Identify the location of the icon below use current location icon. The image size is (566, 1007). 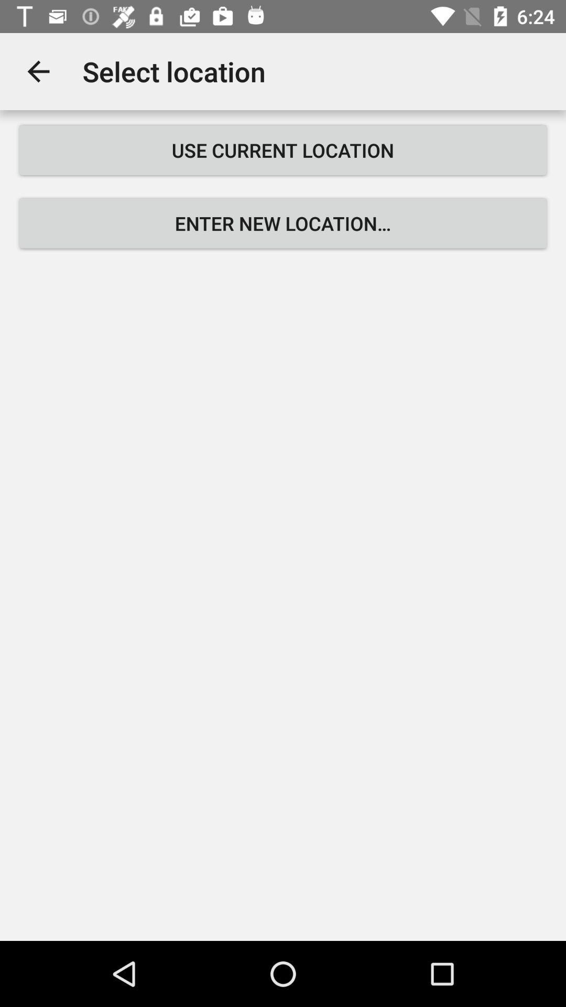
(283, 223).